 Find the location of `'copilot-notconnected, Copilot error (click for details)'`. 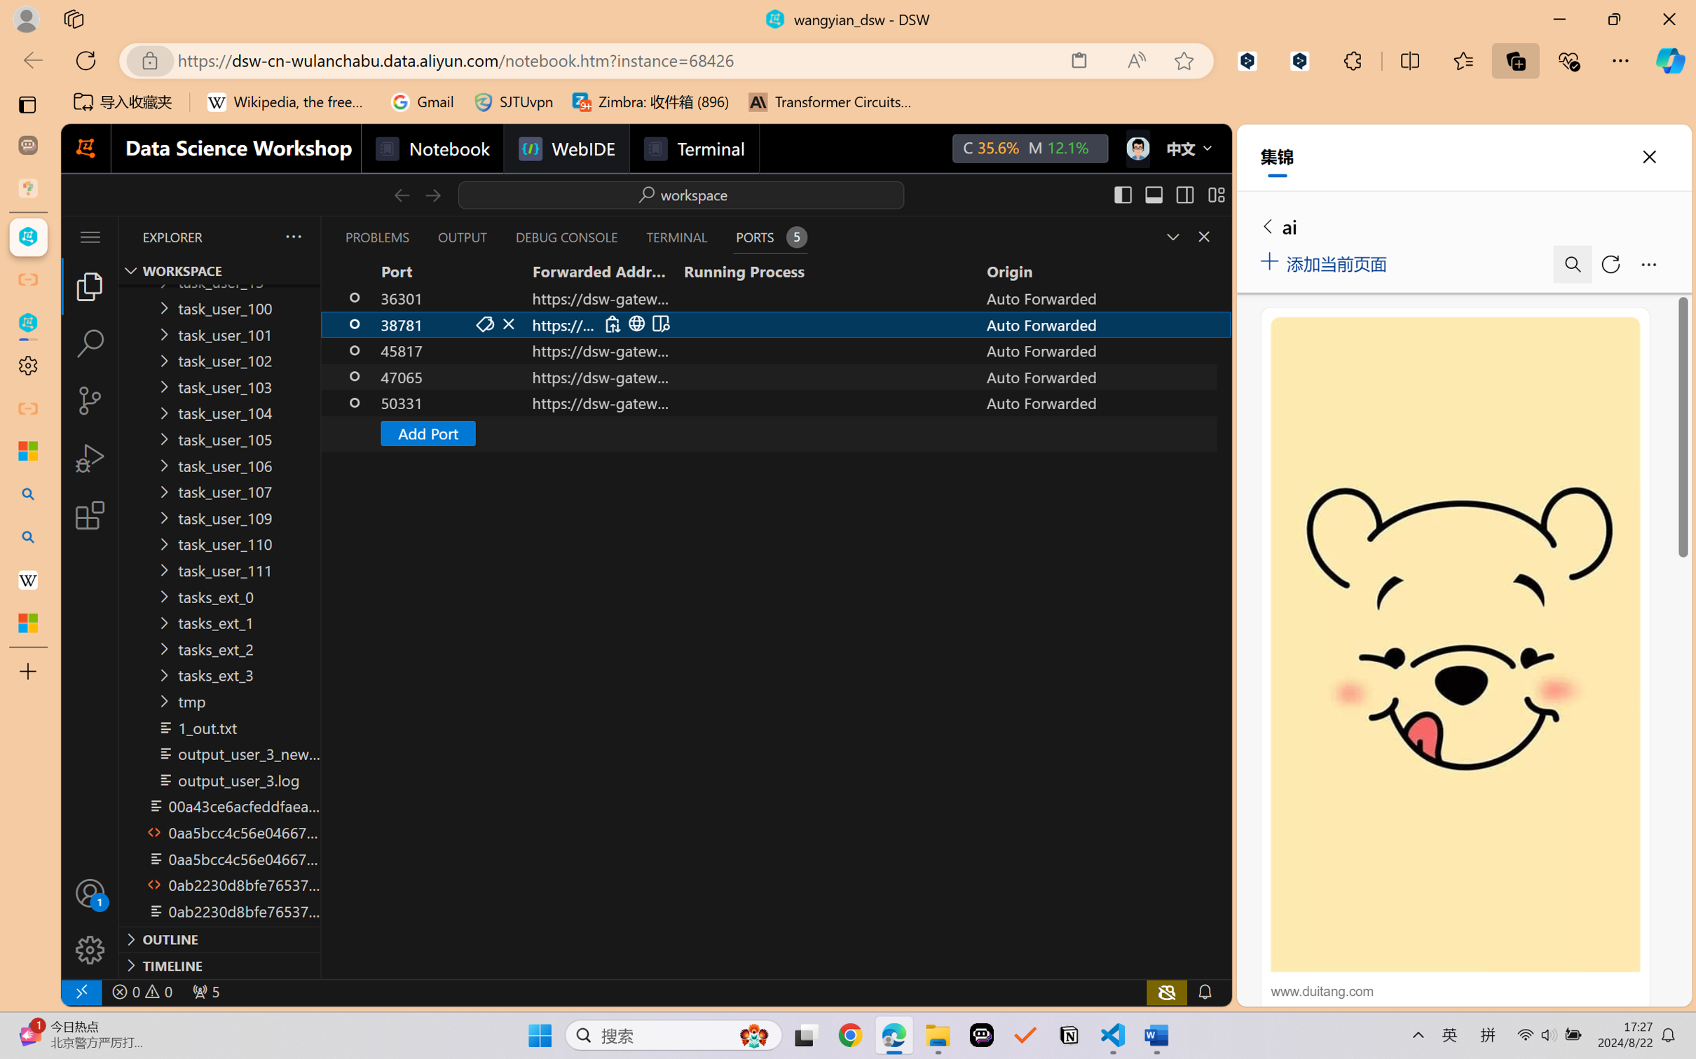

'copilot-notconnected, Copilot error (click for details)' is located at coordinates (1166, 991).